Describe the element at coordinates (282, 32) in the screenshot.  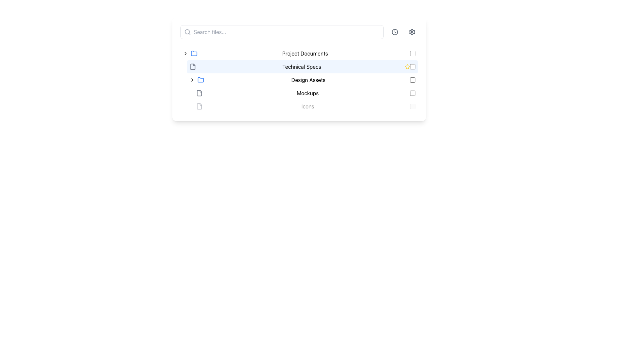
I see `to select text within the search input field located at the top of the interface, which is horizontally centered and adjacent` at that location.